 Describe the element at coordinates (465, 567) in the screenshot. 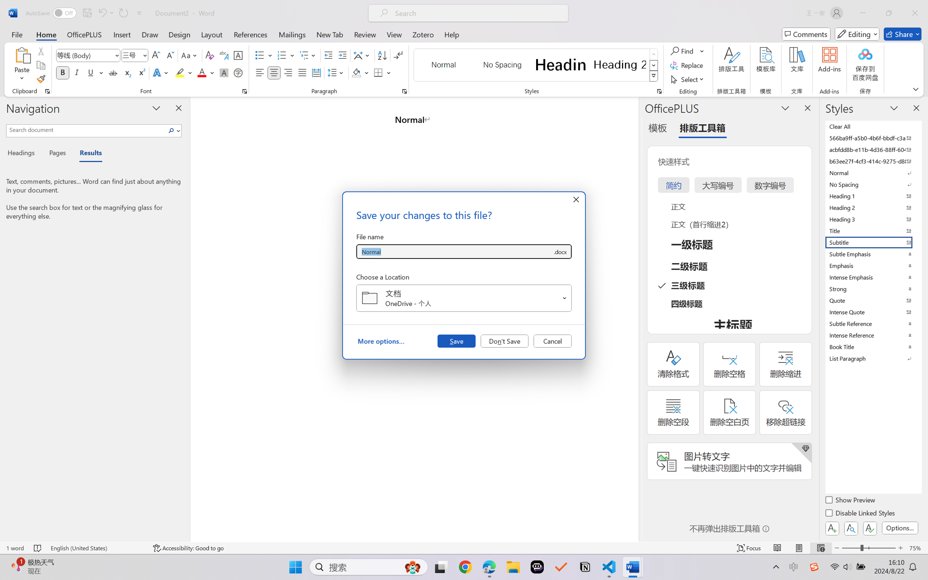

I see `'Google Chrome'` at that location.